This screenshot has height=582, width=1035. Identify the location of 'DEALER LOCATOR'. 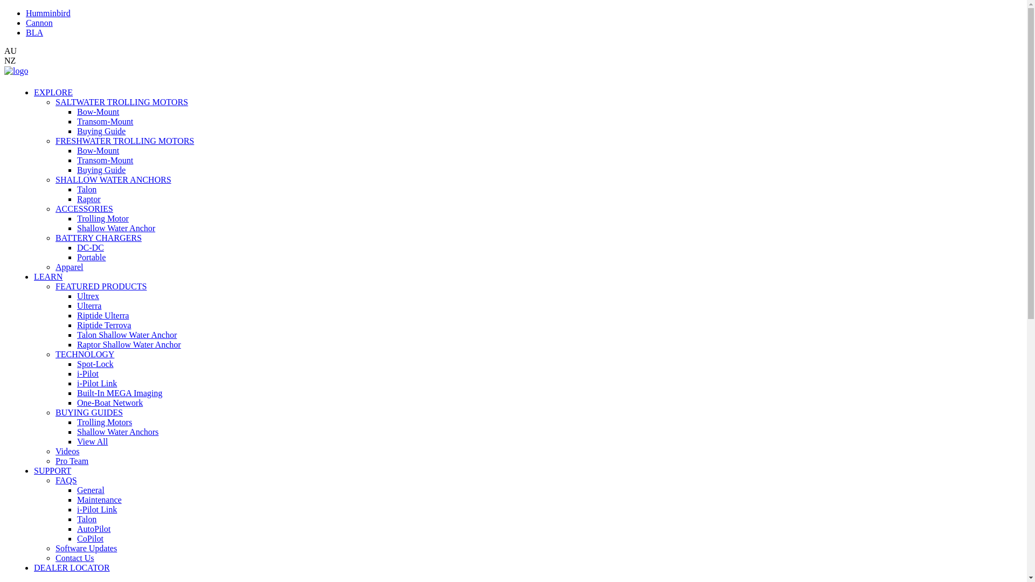
(71, 567).